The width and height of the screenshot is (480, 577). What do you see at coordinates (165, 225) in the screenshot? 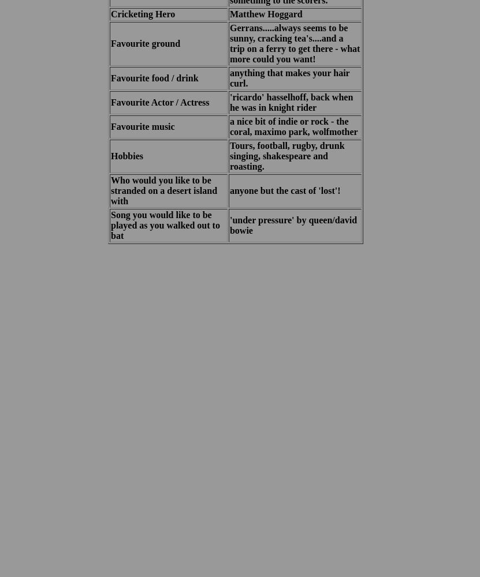
I see `'Song you would like to be played as you walked out to 
        bat'` at bounding box center [165, 225].